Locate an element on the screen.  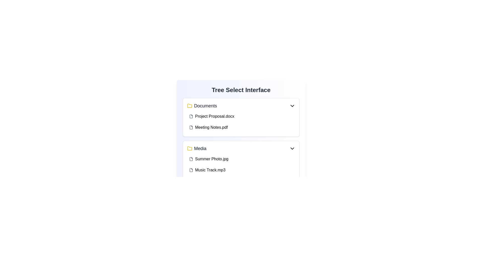
the second list item labeled 'Meeting Notes.pdf' under the 'Documents' section is located at coordinates (241, 122).